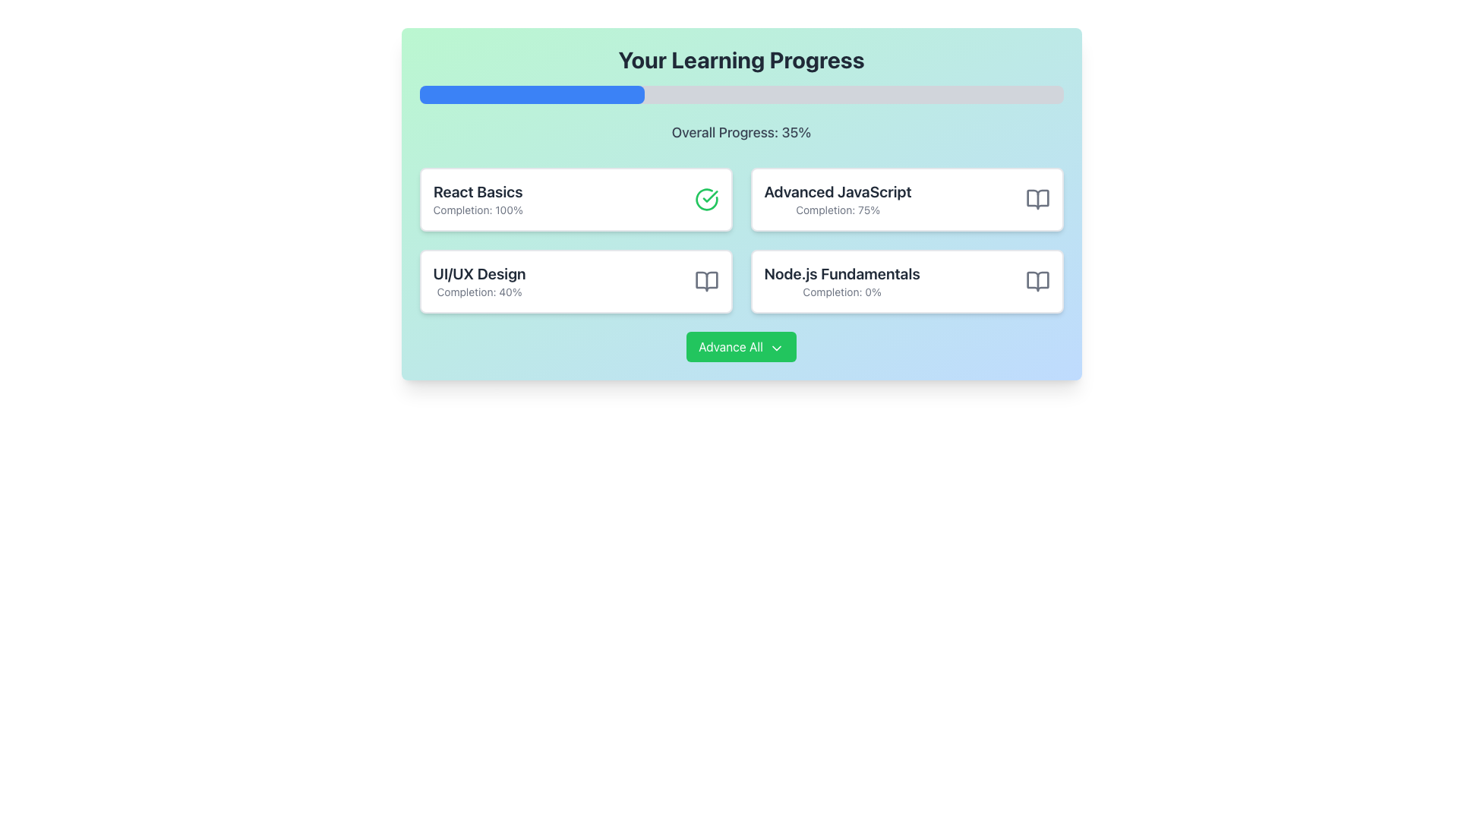  I want to click on text label displaying 'React Basics' located in the upper-left section of a card-like structure, so click(477, 191).